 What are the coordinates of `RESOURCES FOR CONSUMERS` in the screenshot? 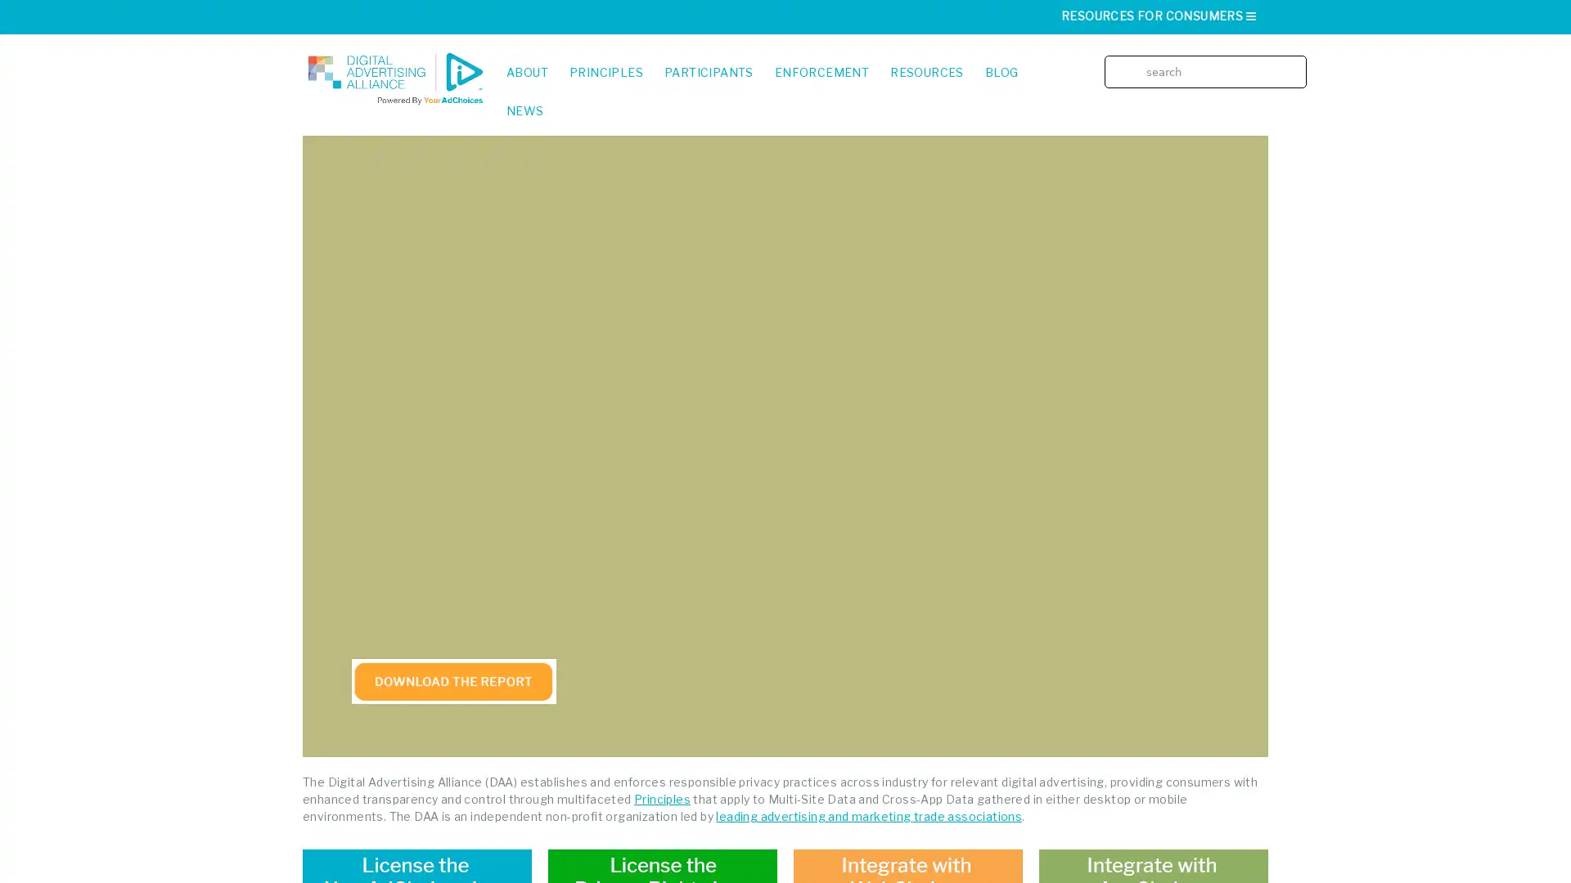 It's located at (1159, 16).